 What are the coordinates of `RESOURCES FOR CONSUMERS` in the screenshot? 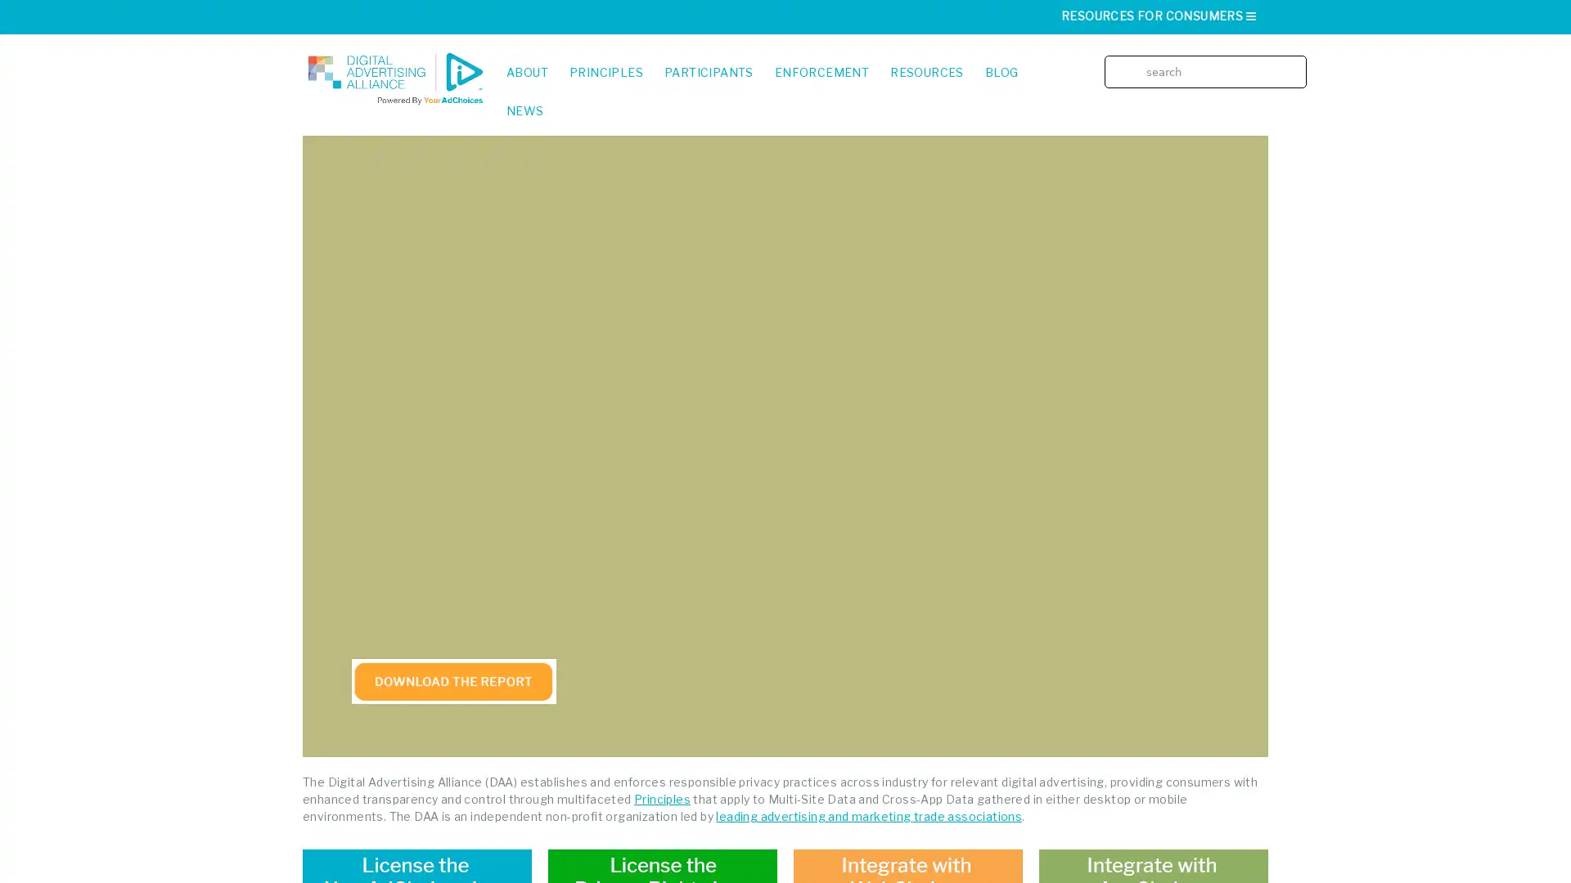 It's located at (1159, 16).